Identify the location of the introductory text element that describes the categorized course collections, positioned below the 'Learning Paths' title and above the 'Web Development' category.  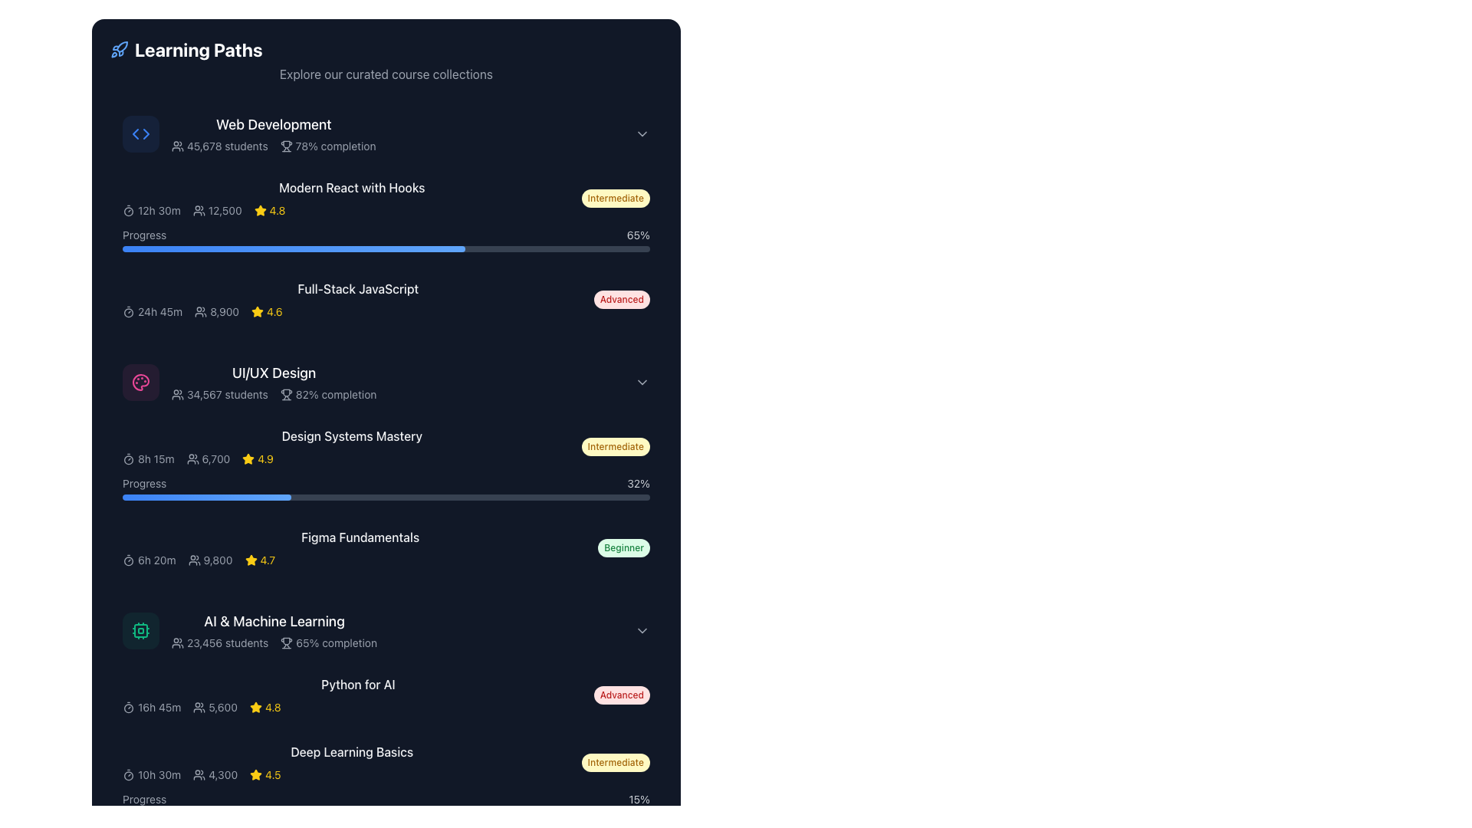
(386, 74).